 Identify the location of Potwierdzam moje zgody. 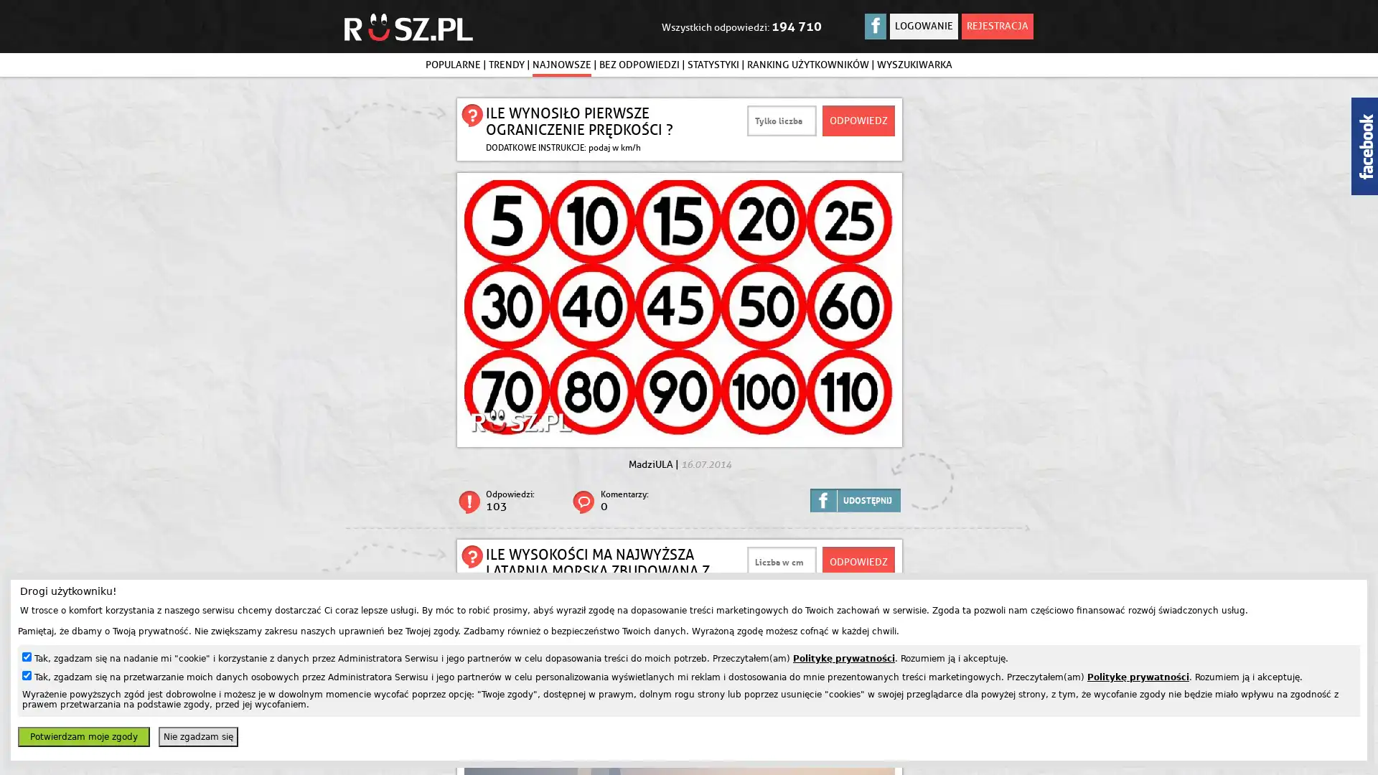
(83, 736).